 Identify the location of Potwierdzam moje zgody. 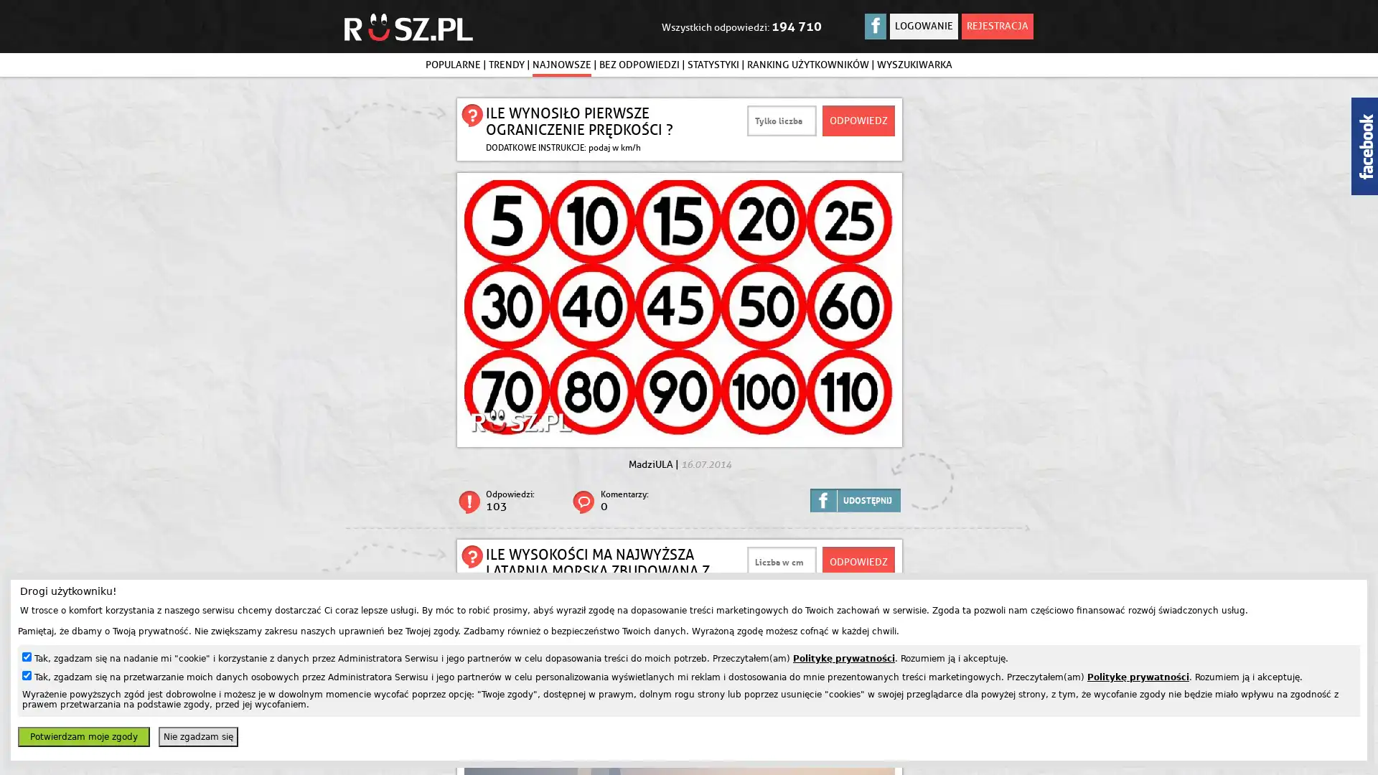
(83, 736).